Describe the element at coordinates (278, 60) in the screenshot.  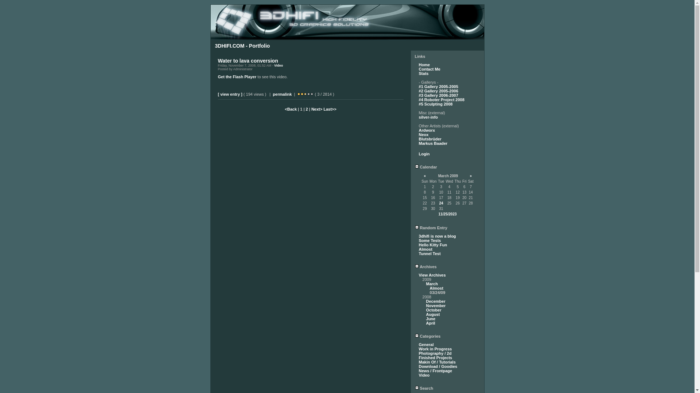
I see `' '` at that location.